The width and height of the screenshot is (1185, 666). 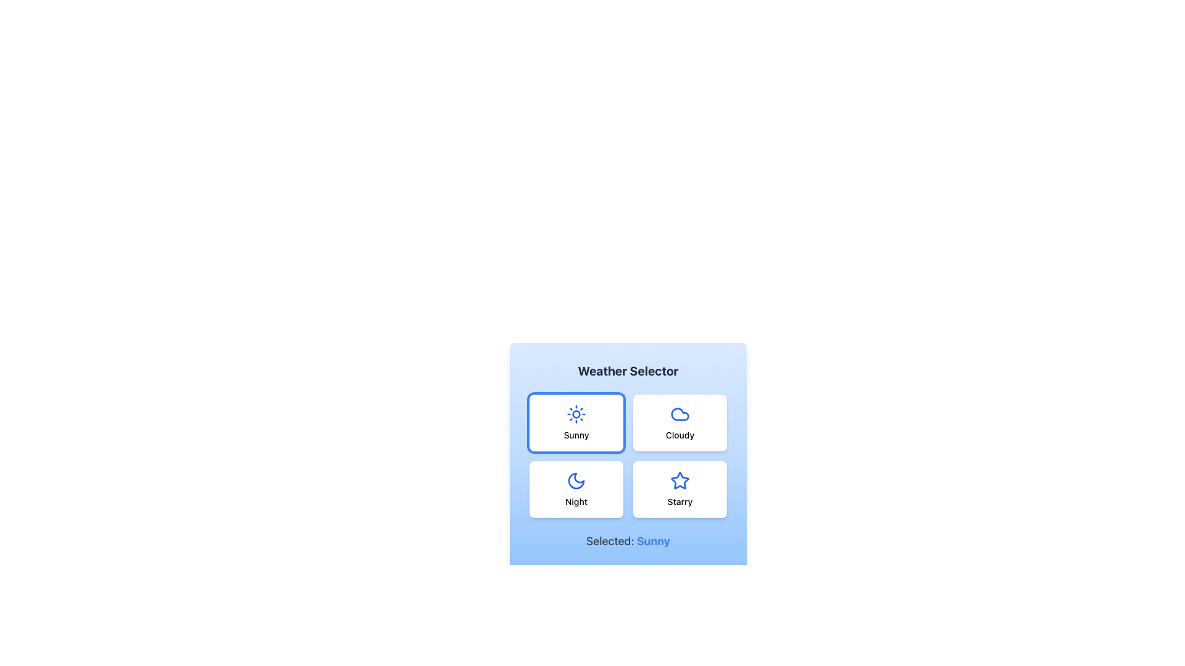 I want to click on the 'Night' SVG icon representing nighttime in the weather selector interface, located in the bottom-left button of a 2x2 grid layout, so click(x=576, y=480).